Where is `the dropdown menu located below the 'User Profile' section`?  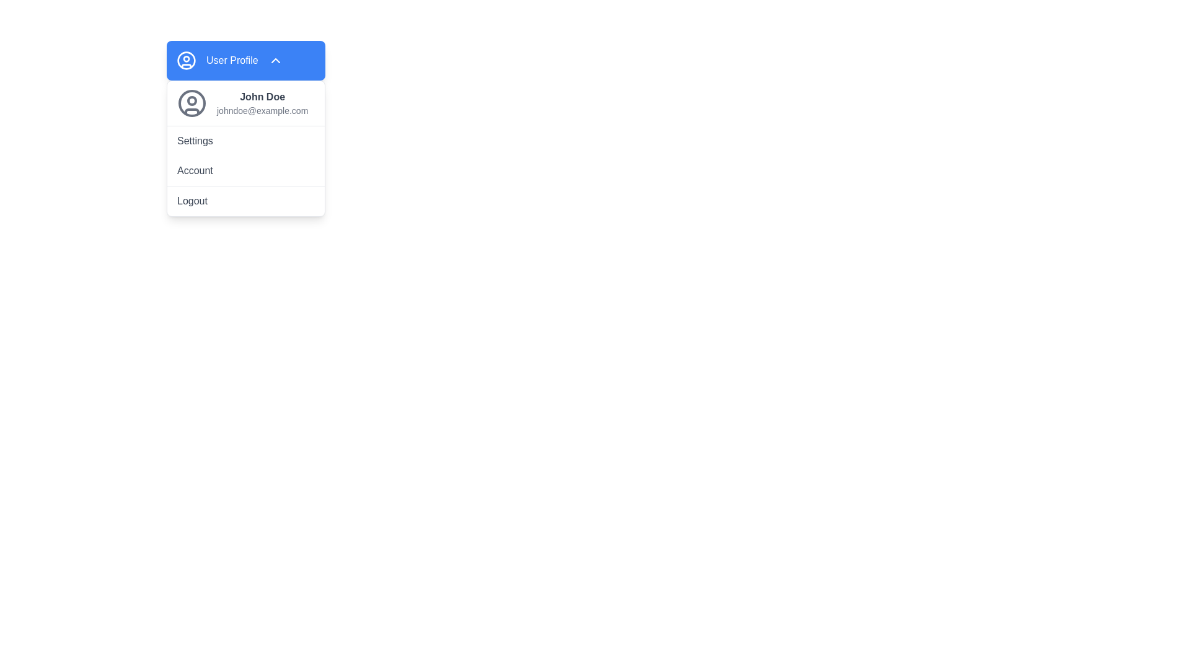
the dropdown menu located below the 'User Profile' section is located at coordinates (246, 147).